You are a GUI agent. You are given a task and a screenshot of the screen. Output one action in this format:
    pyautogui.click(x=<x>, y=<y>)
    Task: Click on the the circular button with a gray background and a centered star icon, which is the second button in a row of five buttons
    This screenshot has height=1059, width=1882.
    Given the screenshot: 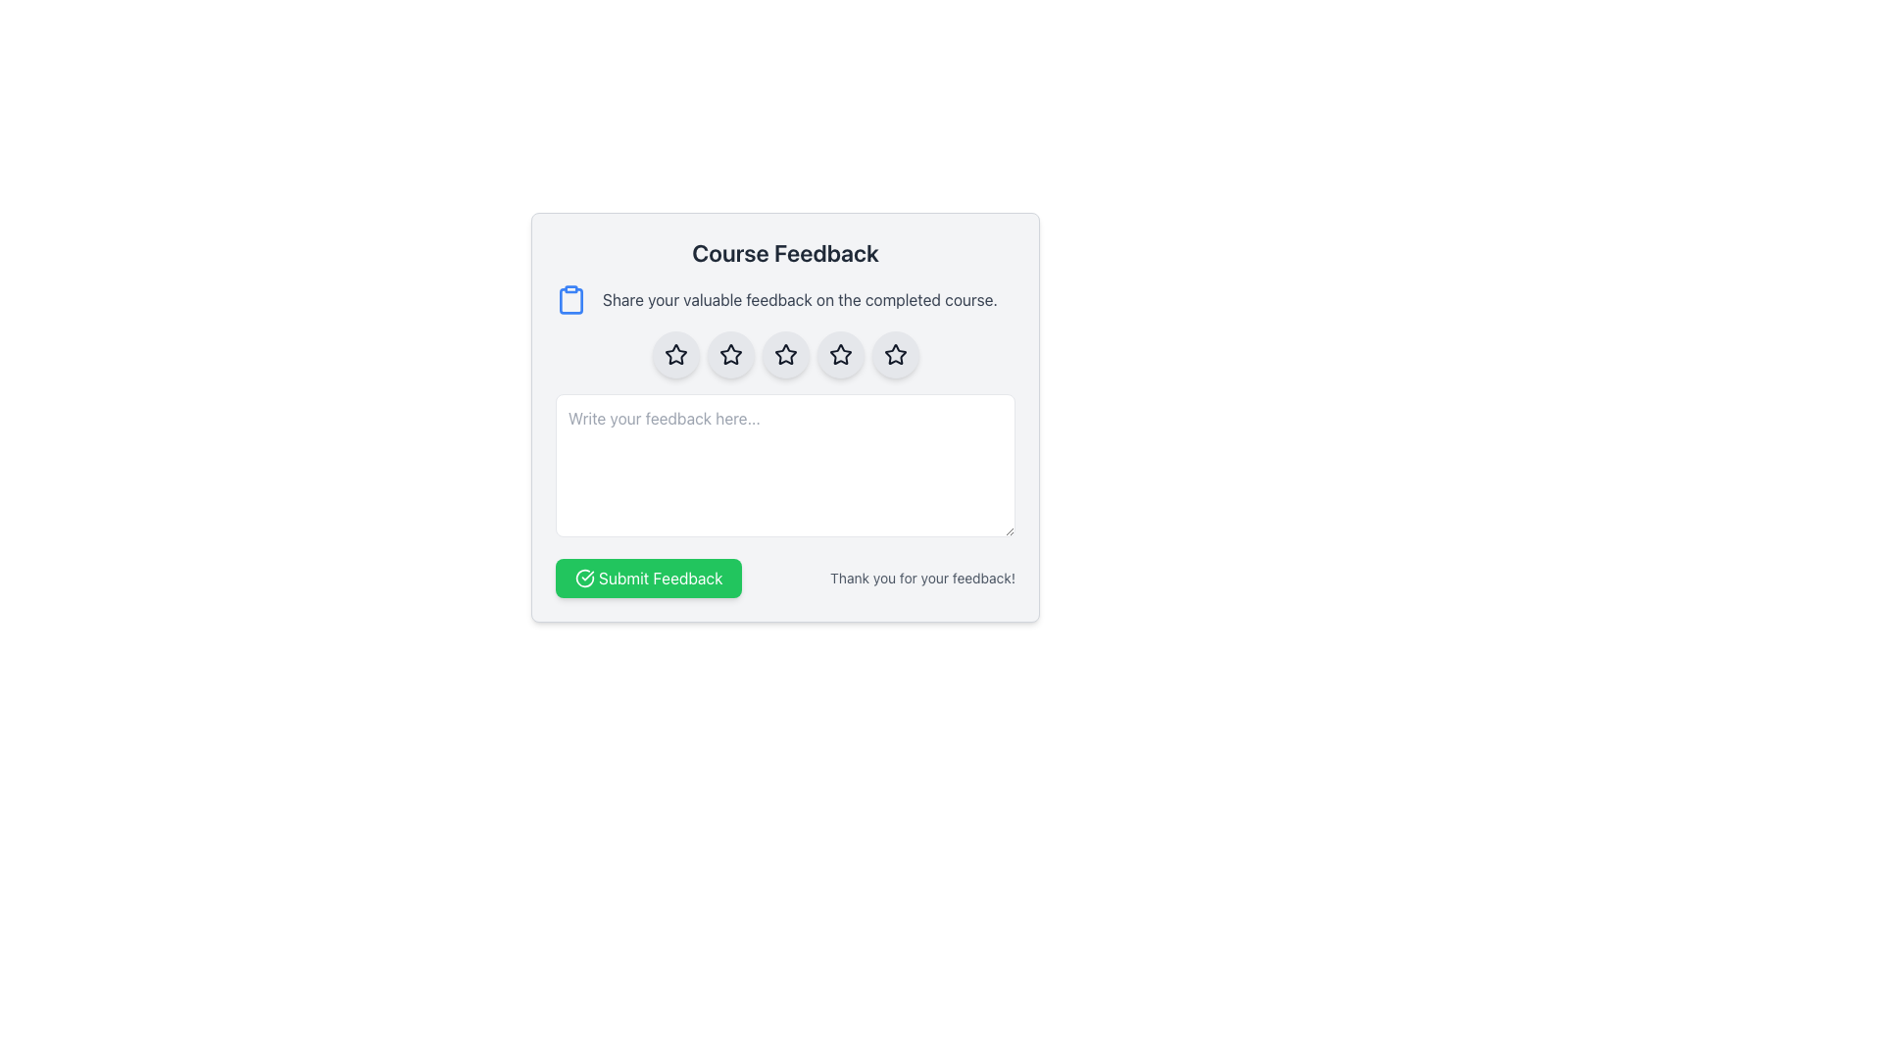 What is the action you would take?
    pyautogui.click(x=729, y=355)
    